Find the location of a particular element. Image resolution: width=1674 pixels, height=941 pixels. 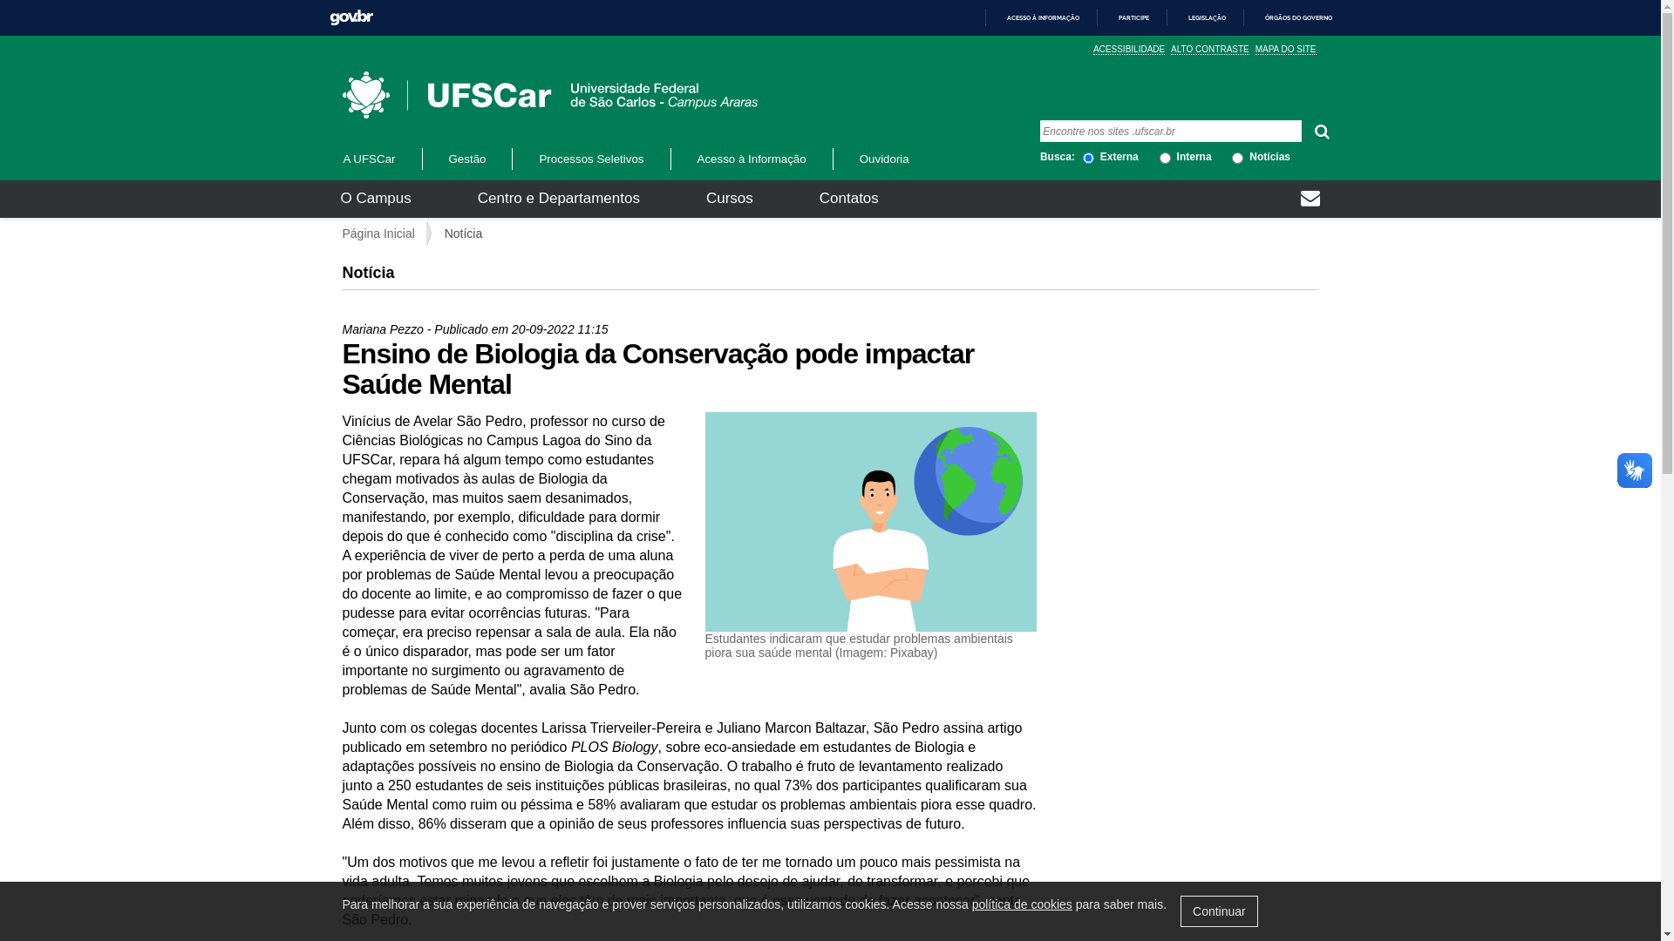

'ACESSIBILIDADE' is located at coordinates (1129, 49).